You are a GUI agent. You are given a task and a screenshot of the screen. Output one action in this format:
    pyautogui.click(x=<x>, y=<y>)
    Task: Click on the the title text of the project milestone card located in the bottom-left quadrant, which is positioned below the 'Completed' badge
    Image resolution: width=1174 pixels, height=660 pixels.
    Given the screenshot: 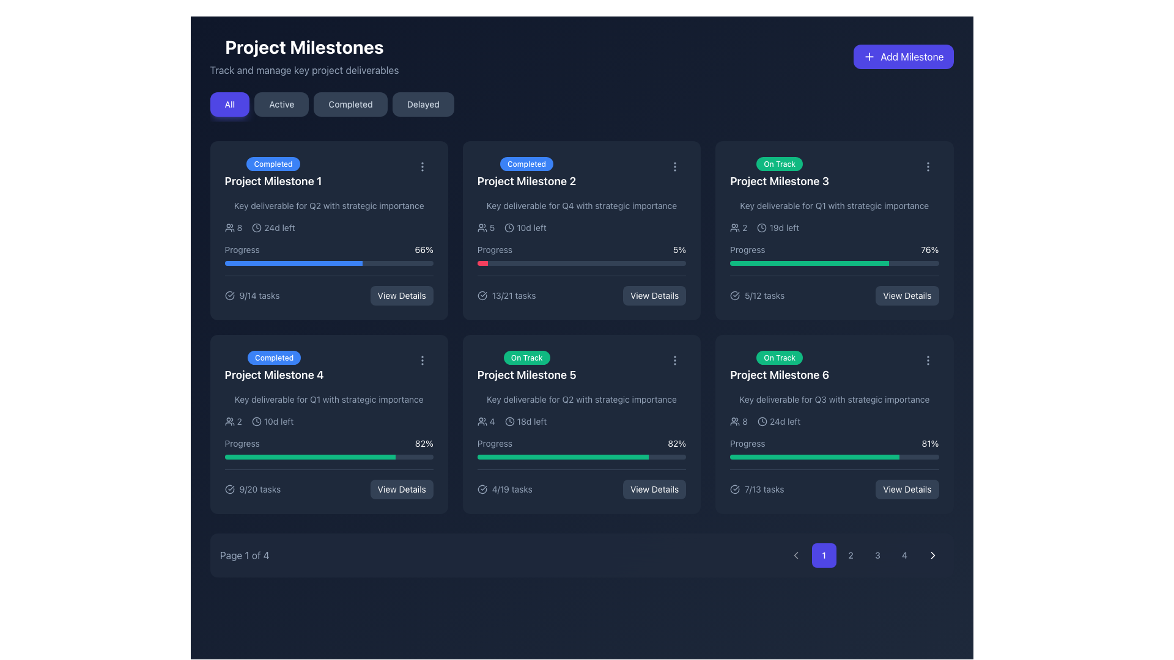 What is the action you would take?
    pyautogui.click(x=273, y=374)
    